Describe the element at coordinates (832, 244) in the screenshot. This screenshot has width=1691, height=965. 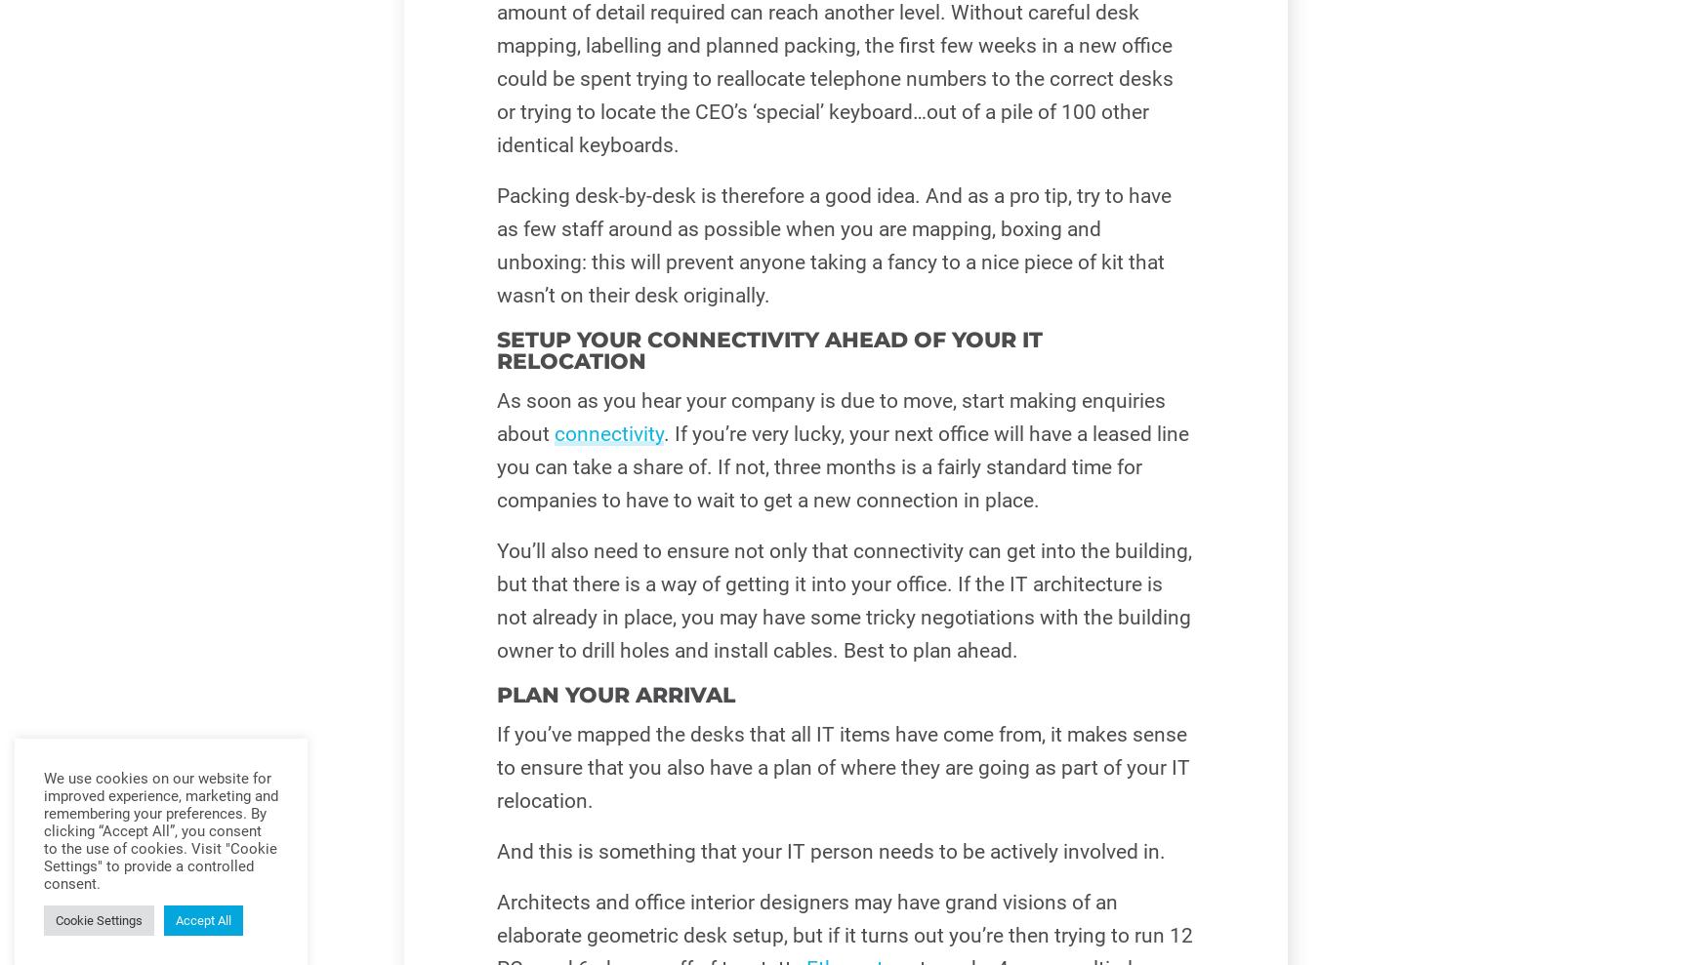
I see `'Packing desk-by-desk is therefore a good idea. And as a pro tip, try to have as few staff around as possible when you are mapping, boxing and unboxing: this will prevent anyone taking a fancy to a nice piece of kit that wasn’t on their desk originally.'` at that location.